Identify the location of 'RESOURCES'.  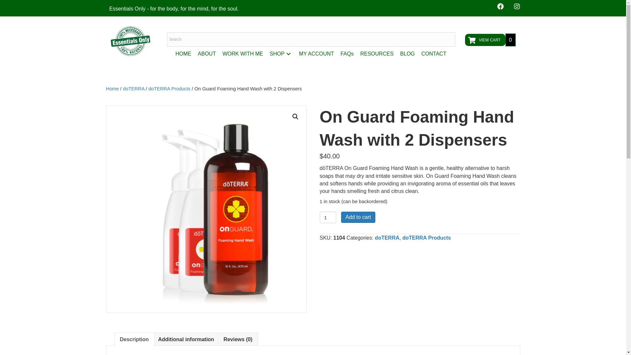
(377, 53).